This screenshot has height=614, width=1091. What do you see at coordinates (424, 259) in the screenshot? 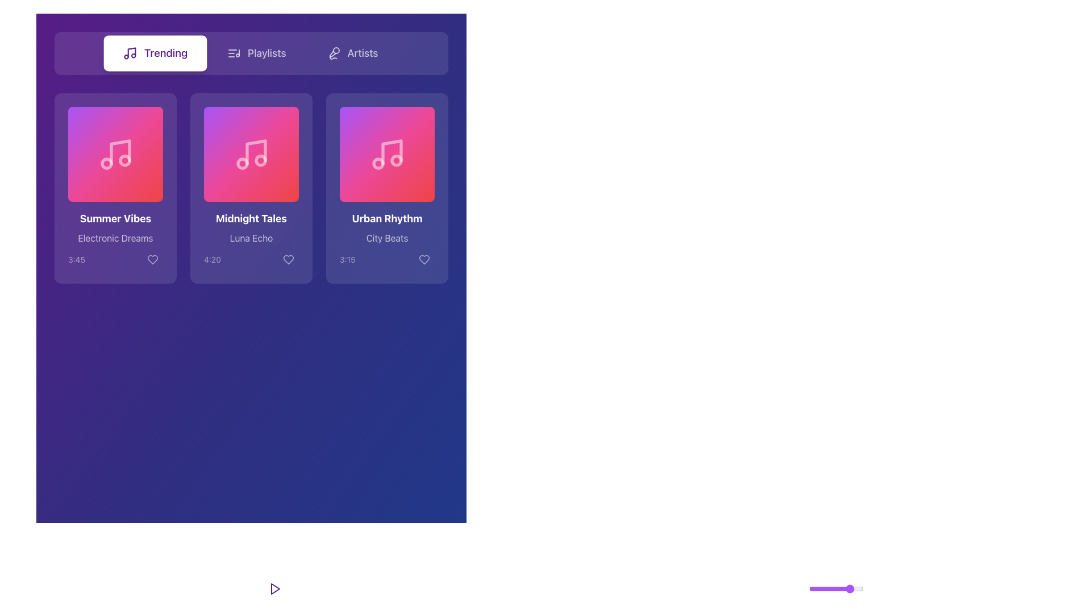
I see `the heart-shaped icon representing the 'like' or 'favorite' function on the 'Urban Rhythm' music entry card, located in the bottom right corner` at bounding box center [424, 259].